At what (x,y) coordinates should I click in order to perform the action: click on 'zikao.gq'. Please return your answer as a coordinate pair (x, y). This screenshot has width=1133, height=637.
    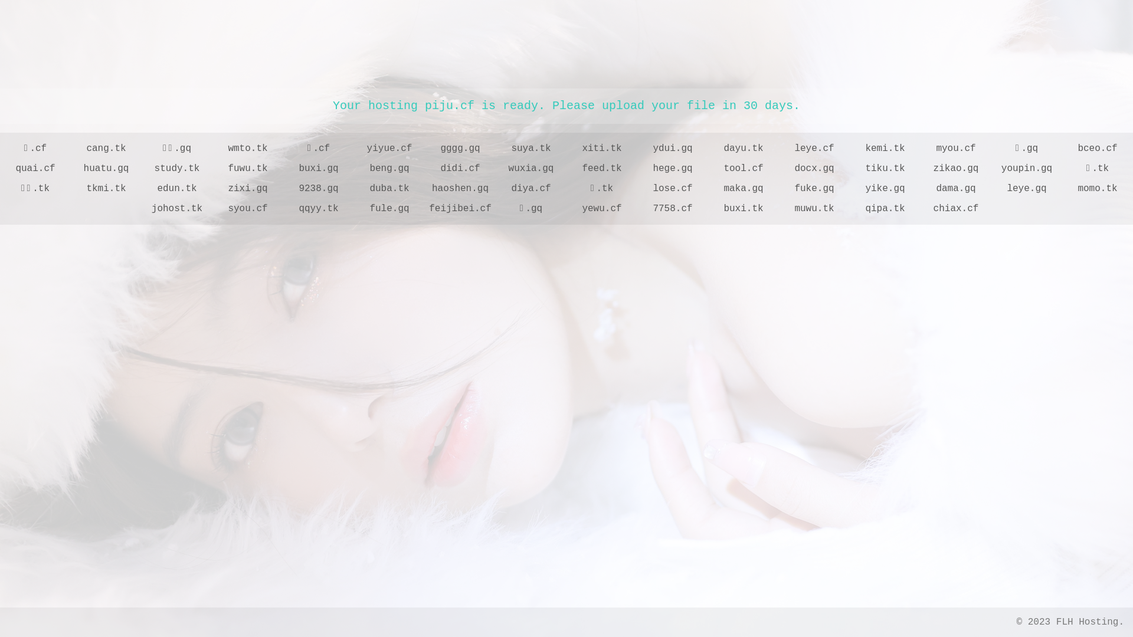
    Looking at the image, I should click on (956, 168).